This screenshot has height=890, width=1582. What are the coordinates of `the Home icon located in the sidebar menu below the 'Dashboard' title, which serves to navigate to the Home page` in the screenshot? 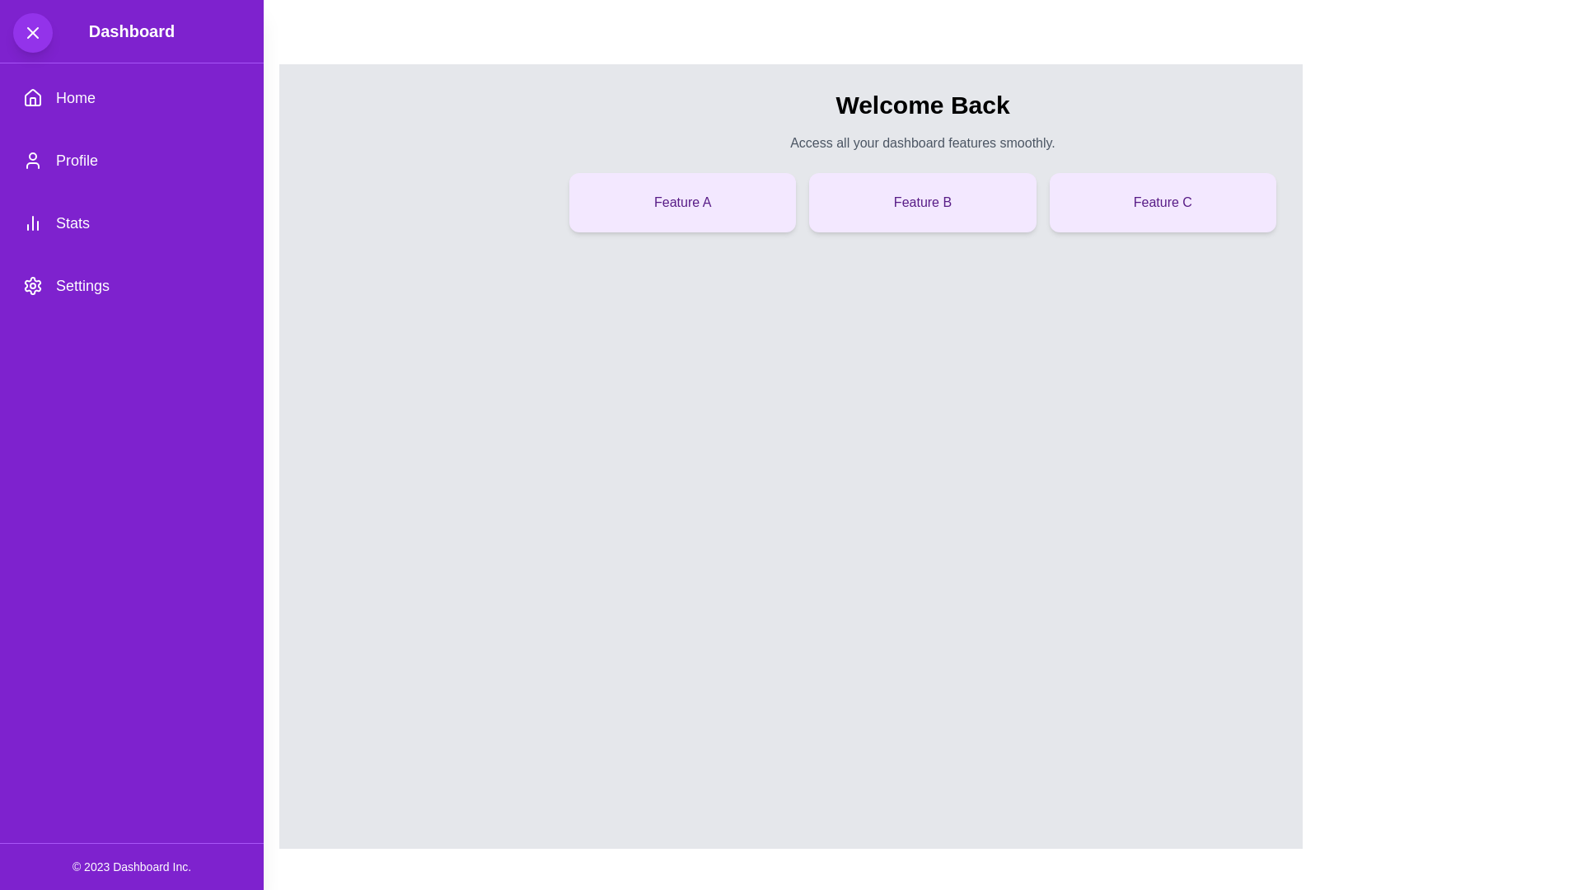 It's located at (32, 97).